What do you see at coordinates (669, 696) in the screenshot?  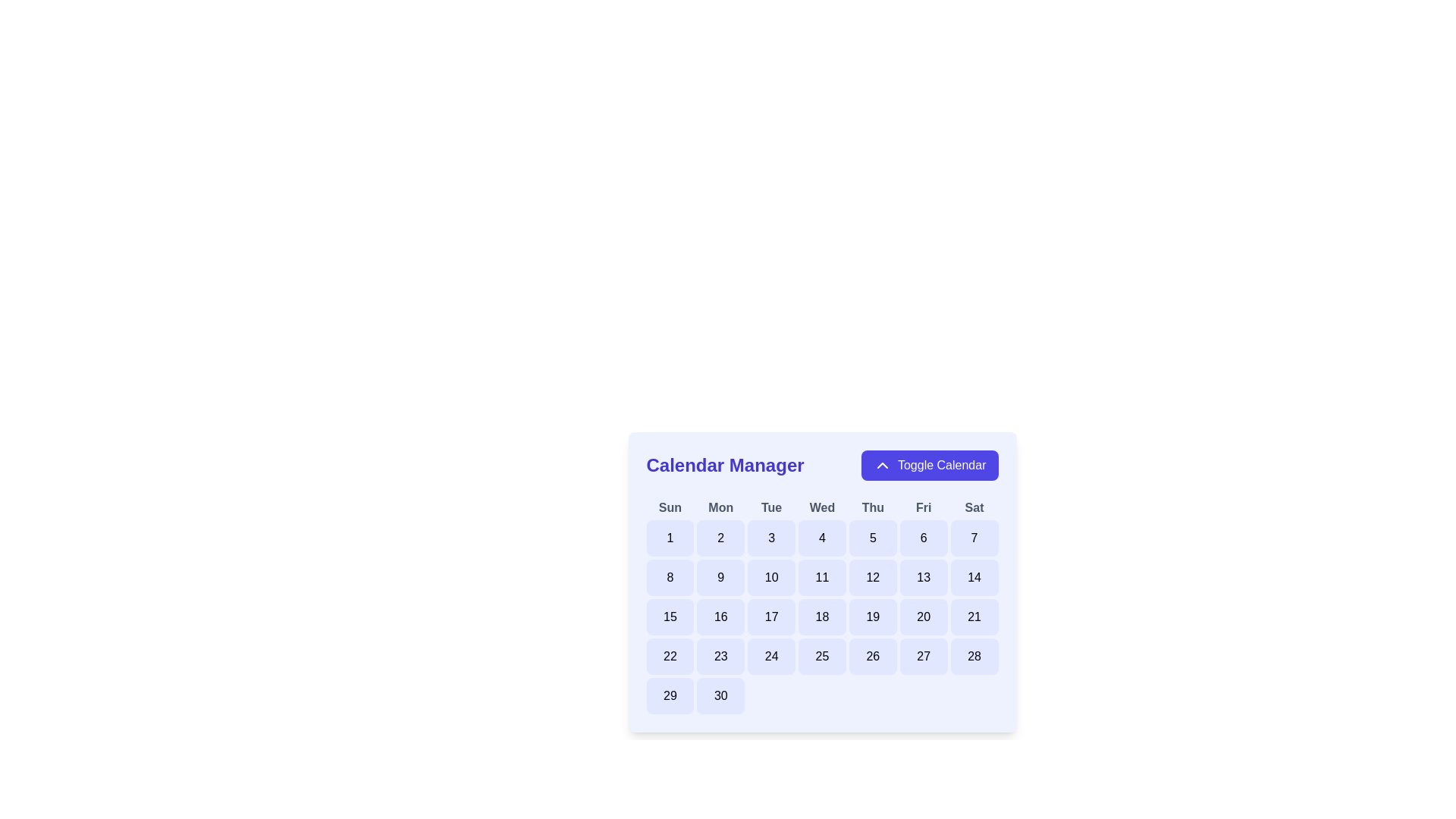 I see `the button representing day '29' in the calendar` at bounding box center [669, 696].